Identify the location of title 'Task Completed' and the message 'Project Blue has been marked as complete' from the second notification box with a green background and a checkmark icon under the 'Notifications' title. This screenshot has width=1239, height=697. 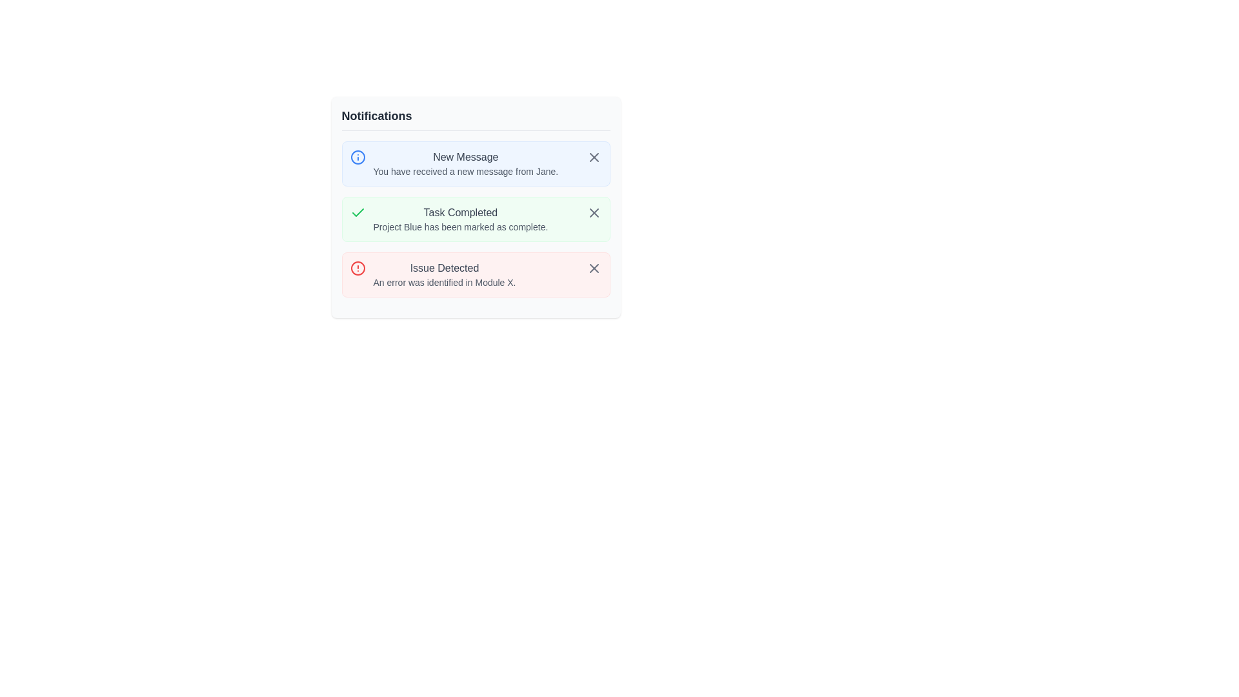
(475, 218).